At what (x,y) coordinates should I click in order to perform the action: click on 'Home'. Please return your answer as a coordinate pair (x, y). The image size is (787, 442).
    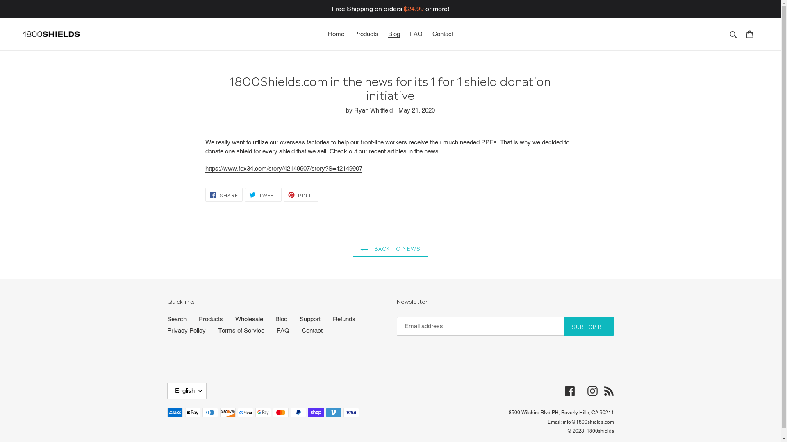
    Looking at the image, I should click on (323, 34).